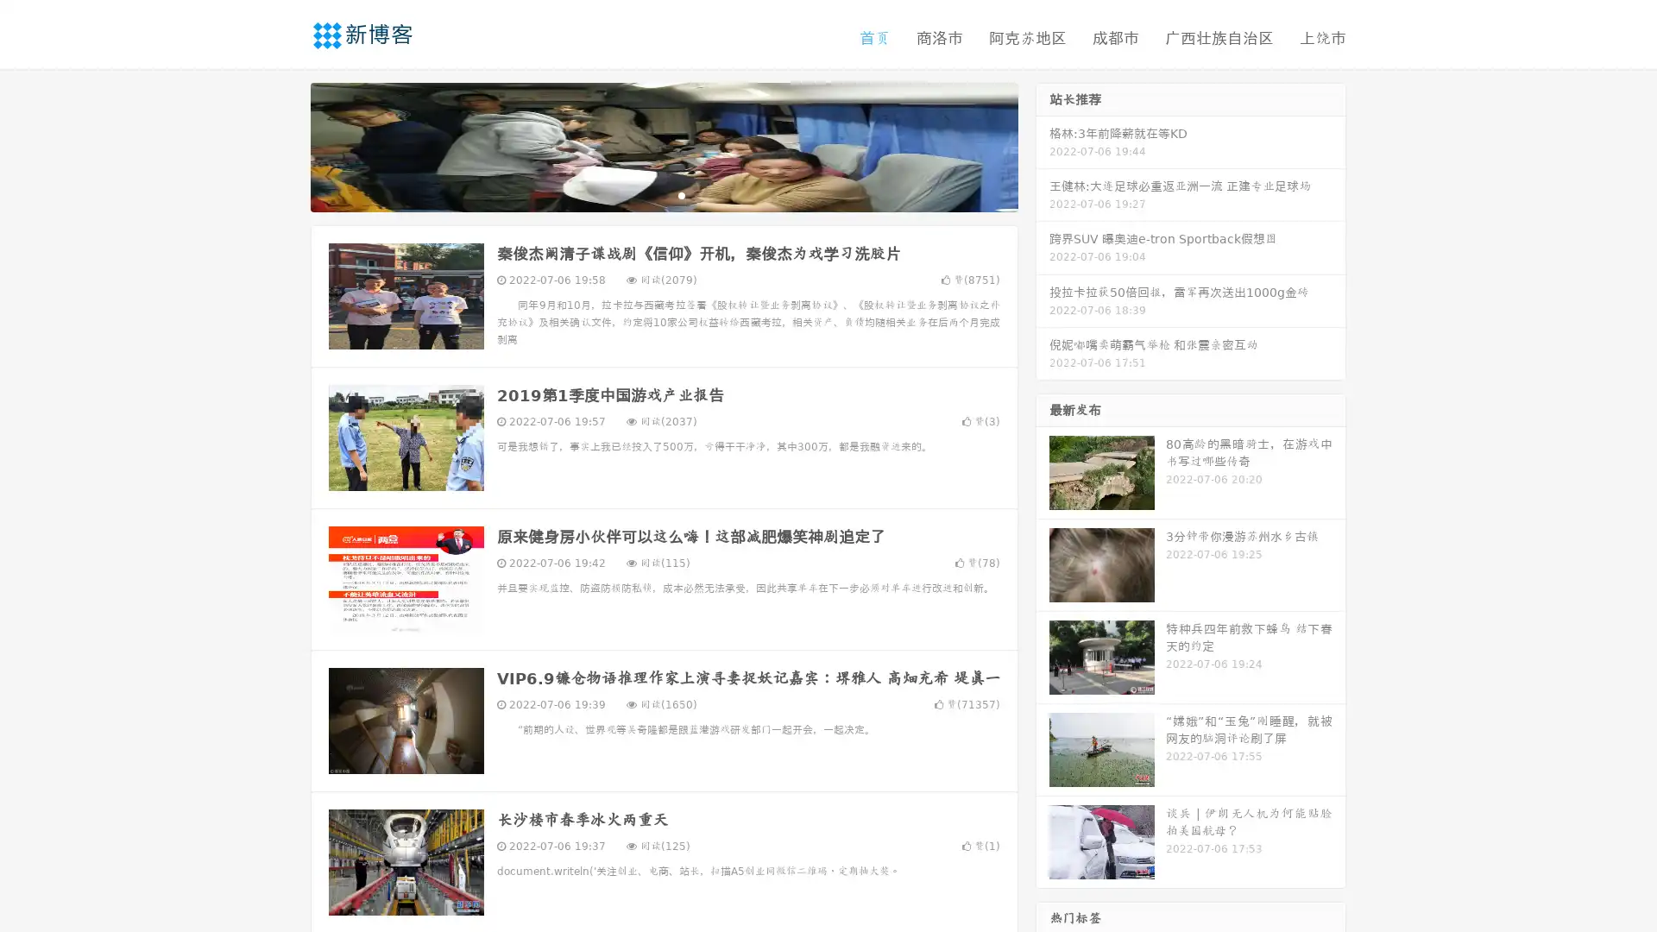 The height and width of the screenshot is (932, 1657). I want to click on Next slide, so click(1043, 145).